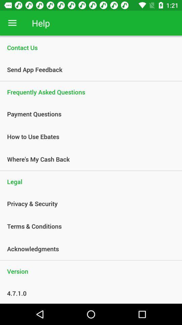 Image resolution: width=182 pixels, height=325 pixels. What do you see at coordinates (91, 91) in the screenshot?
I see `the item above payment questions icon` at bounding box center [91, 91].